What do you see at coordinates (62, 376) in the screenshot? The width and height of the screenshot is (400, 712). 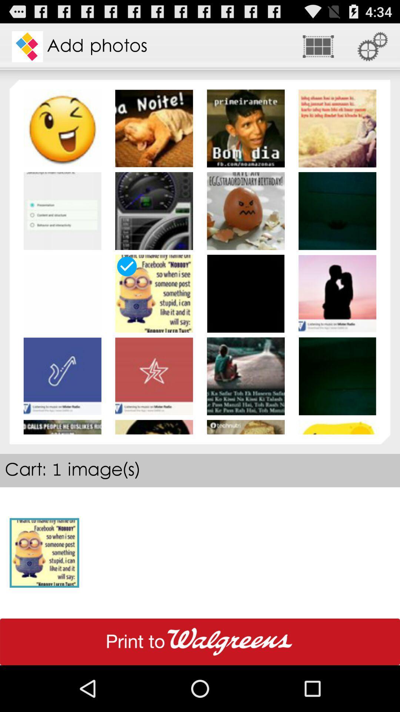 I see `the third image next to the star image to the left` at bounding box center [62, 376].